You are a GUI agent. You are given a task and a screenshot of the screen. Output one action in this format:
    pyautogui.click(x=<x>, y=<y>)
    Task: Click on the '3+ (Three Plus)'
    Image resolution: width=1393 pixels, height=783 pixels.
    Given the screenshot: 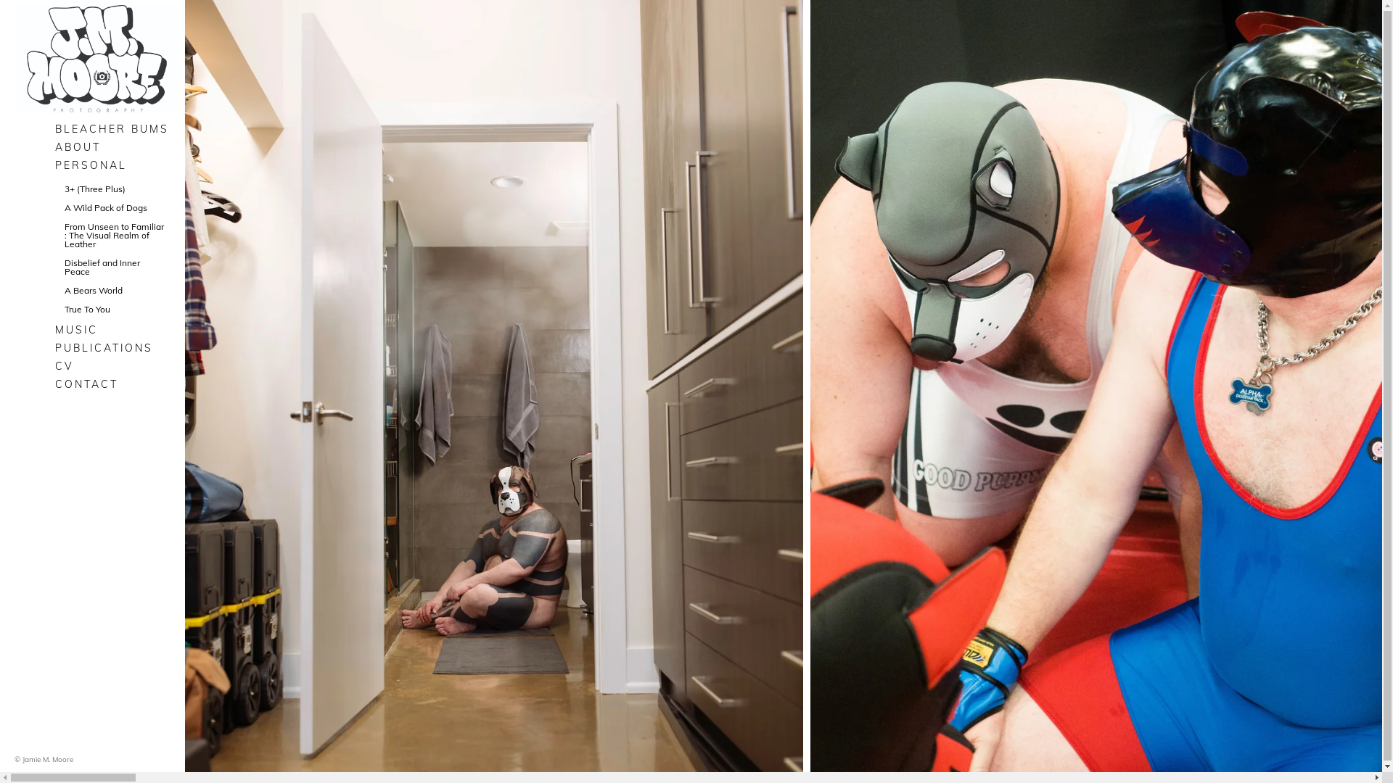 What is the action you would take?
    pyautogui.click(x=113, y=188)
    